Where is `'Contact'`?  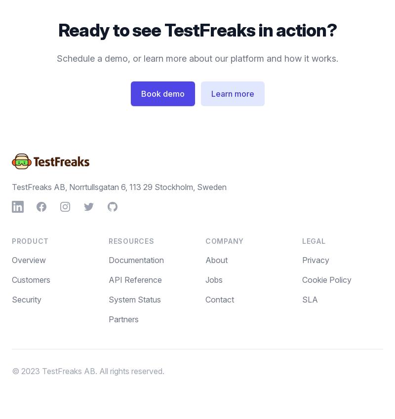
'Contact' is located at coordinates (219, 299).